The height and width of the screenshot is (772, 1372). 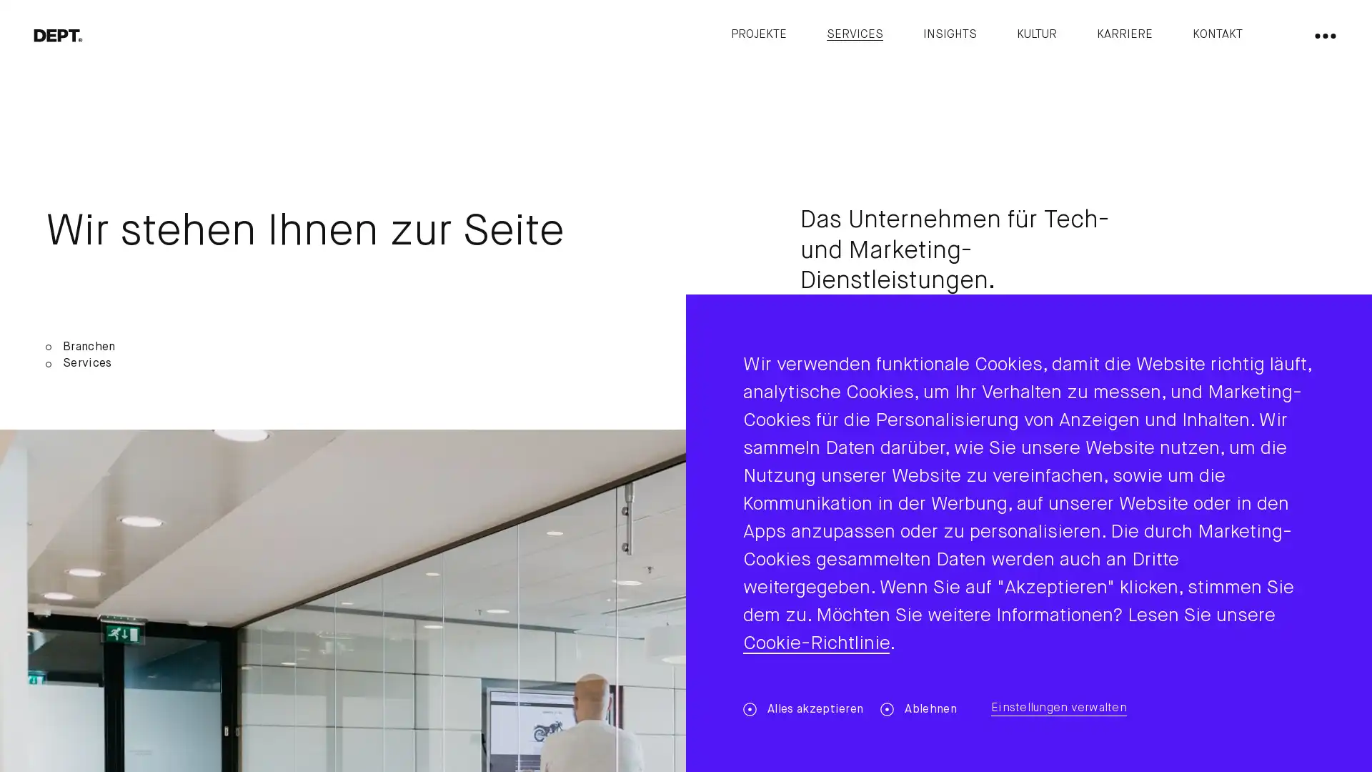 What do you see at coordinates (366, 363) in the screenshot?
I see `Services` at bounding box center [366, 363].